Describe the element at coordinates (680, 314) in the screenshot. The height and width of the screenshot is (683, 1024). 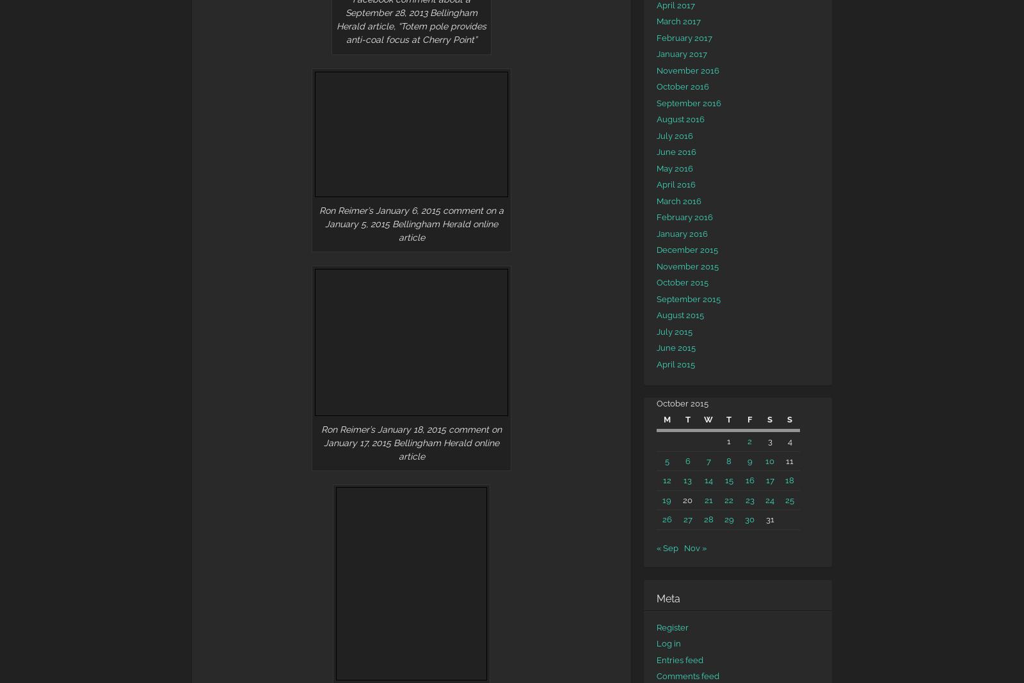
I see `'August 2015'` at that location.